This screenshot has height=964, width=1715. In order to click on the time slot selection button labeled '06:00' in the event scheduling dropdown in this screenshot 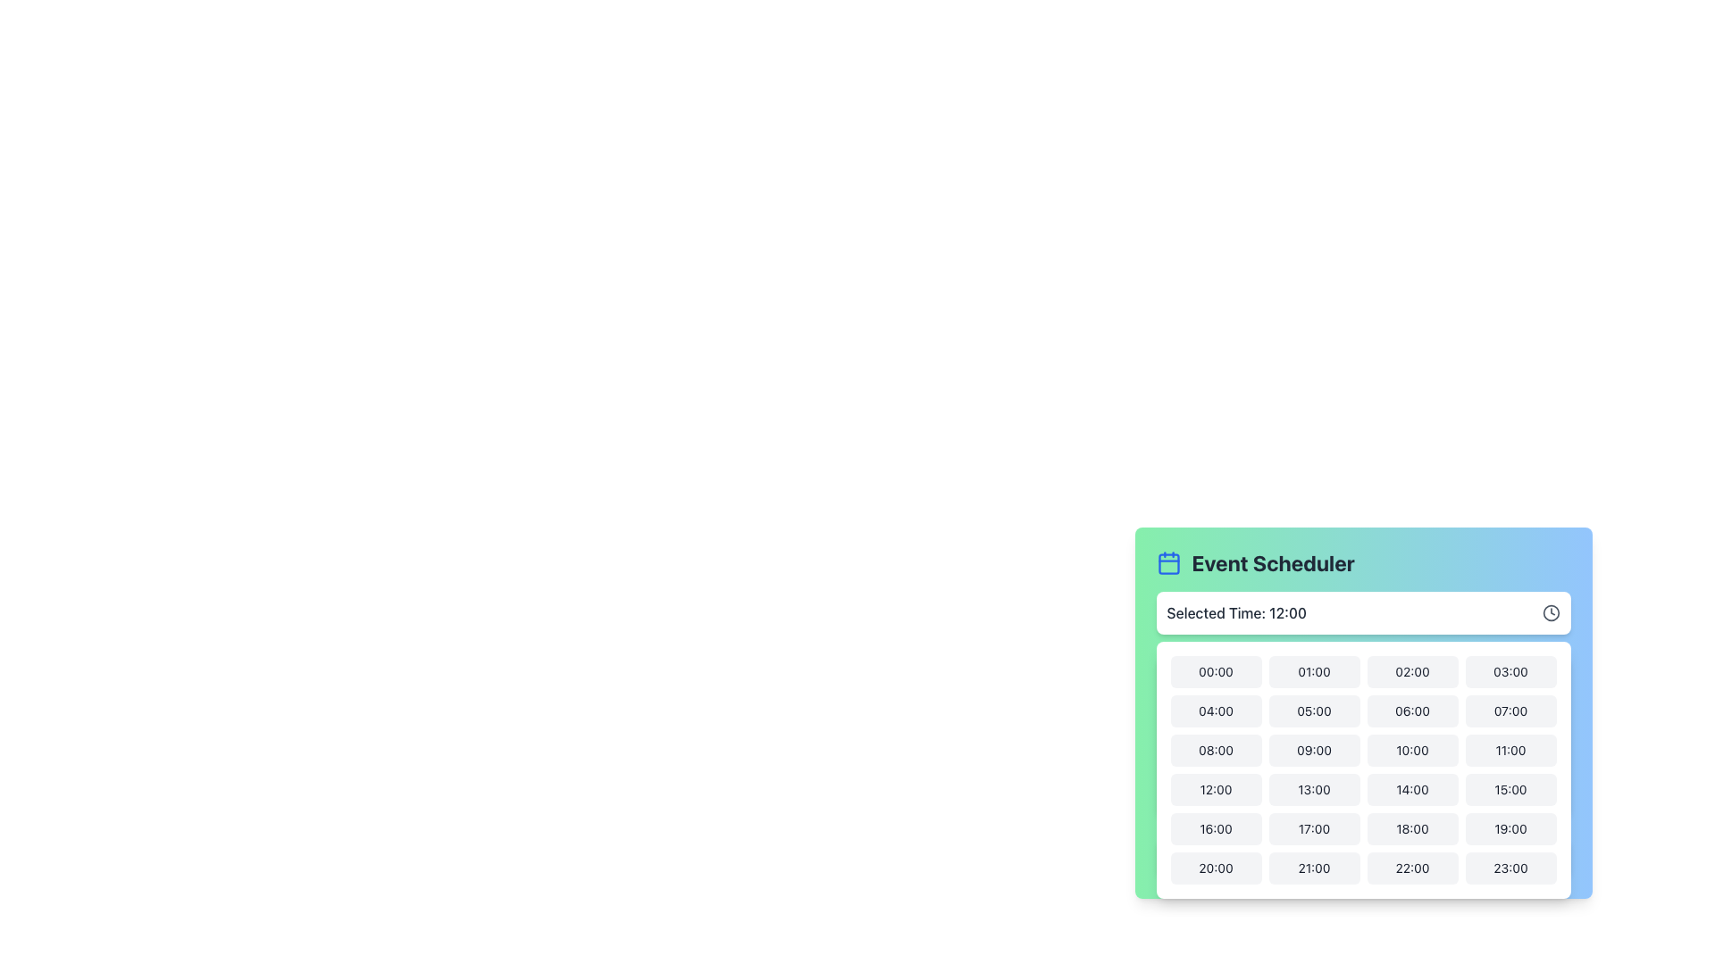, I will do `click(1362, 711)`.